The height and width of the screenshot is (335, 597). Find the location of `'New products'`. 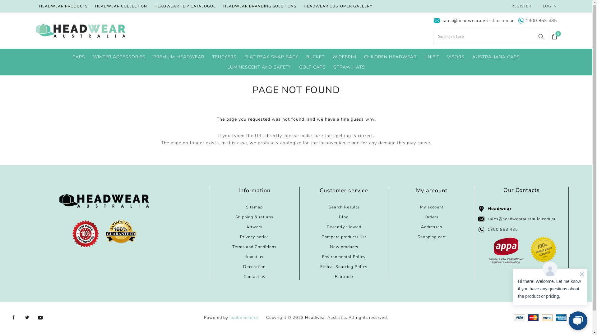

'New products' is located at coordinates (344, 246).